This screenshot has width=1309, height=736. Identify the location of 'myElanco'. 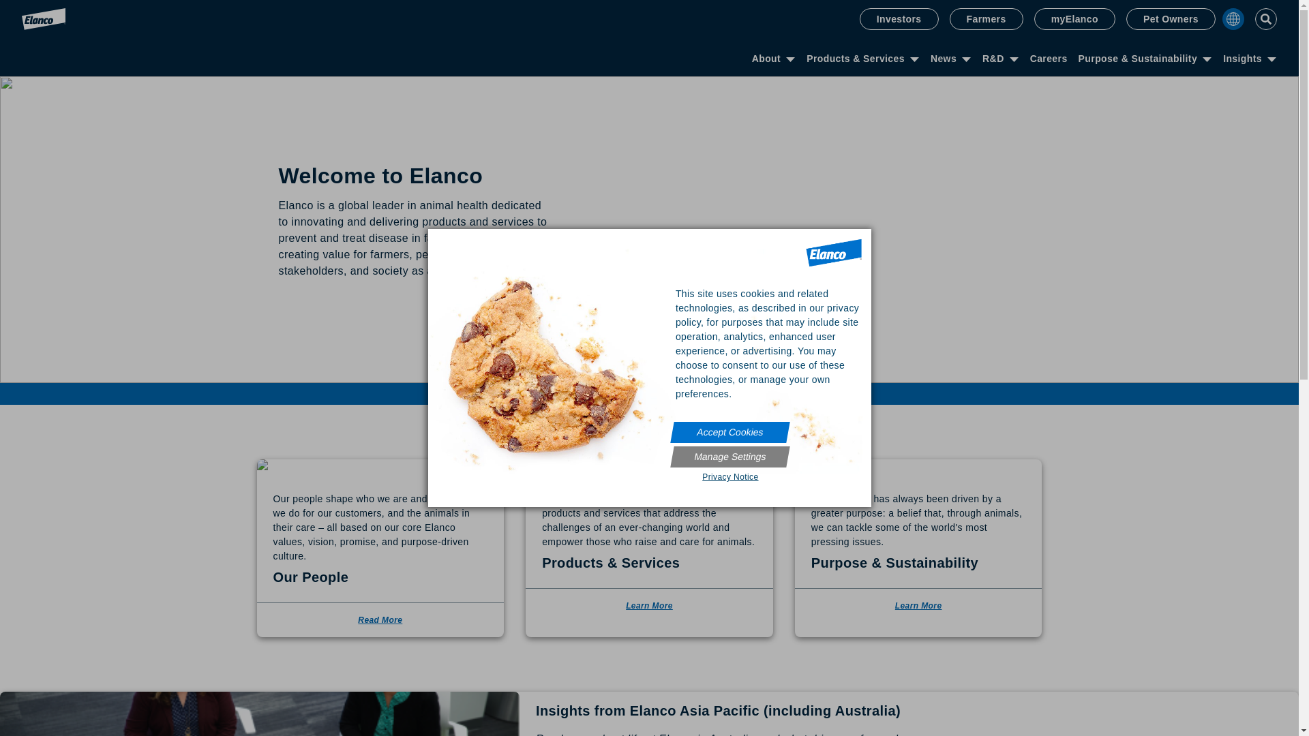
(1074, 18).